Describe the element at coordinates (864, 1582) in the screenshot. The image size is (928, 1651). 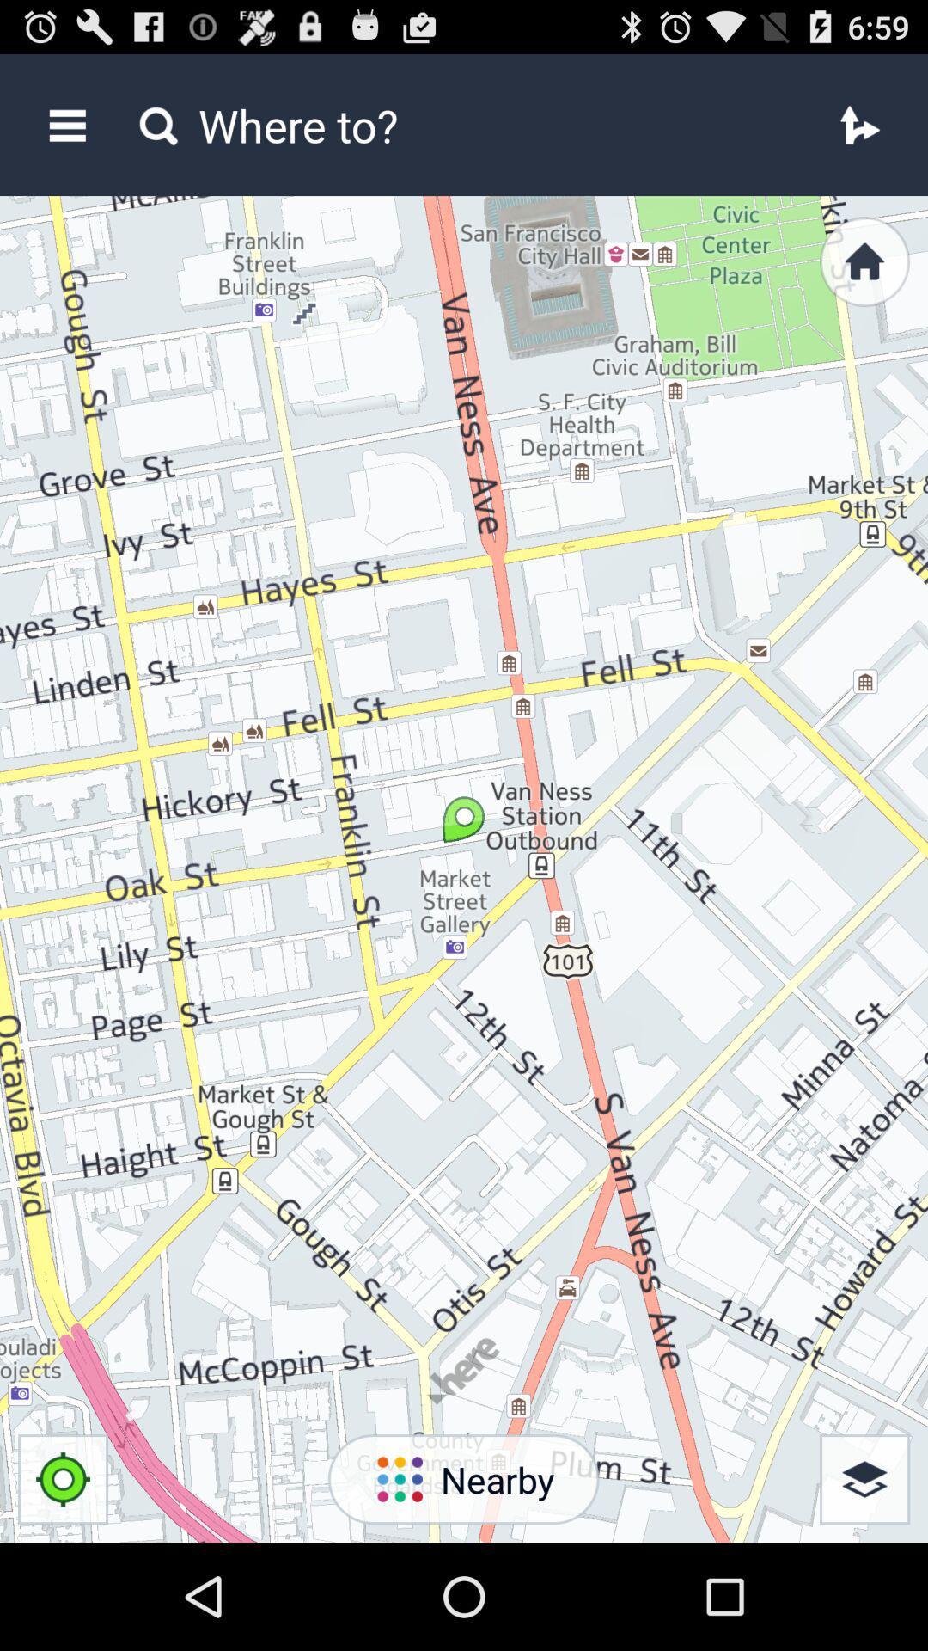
I see `the layers icon` at that location.